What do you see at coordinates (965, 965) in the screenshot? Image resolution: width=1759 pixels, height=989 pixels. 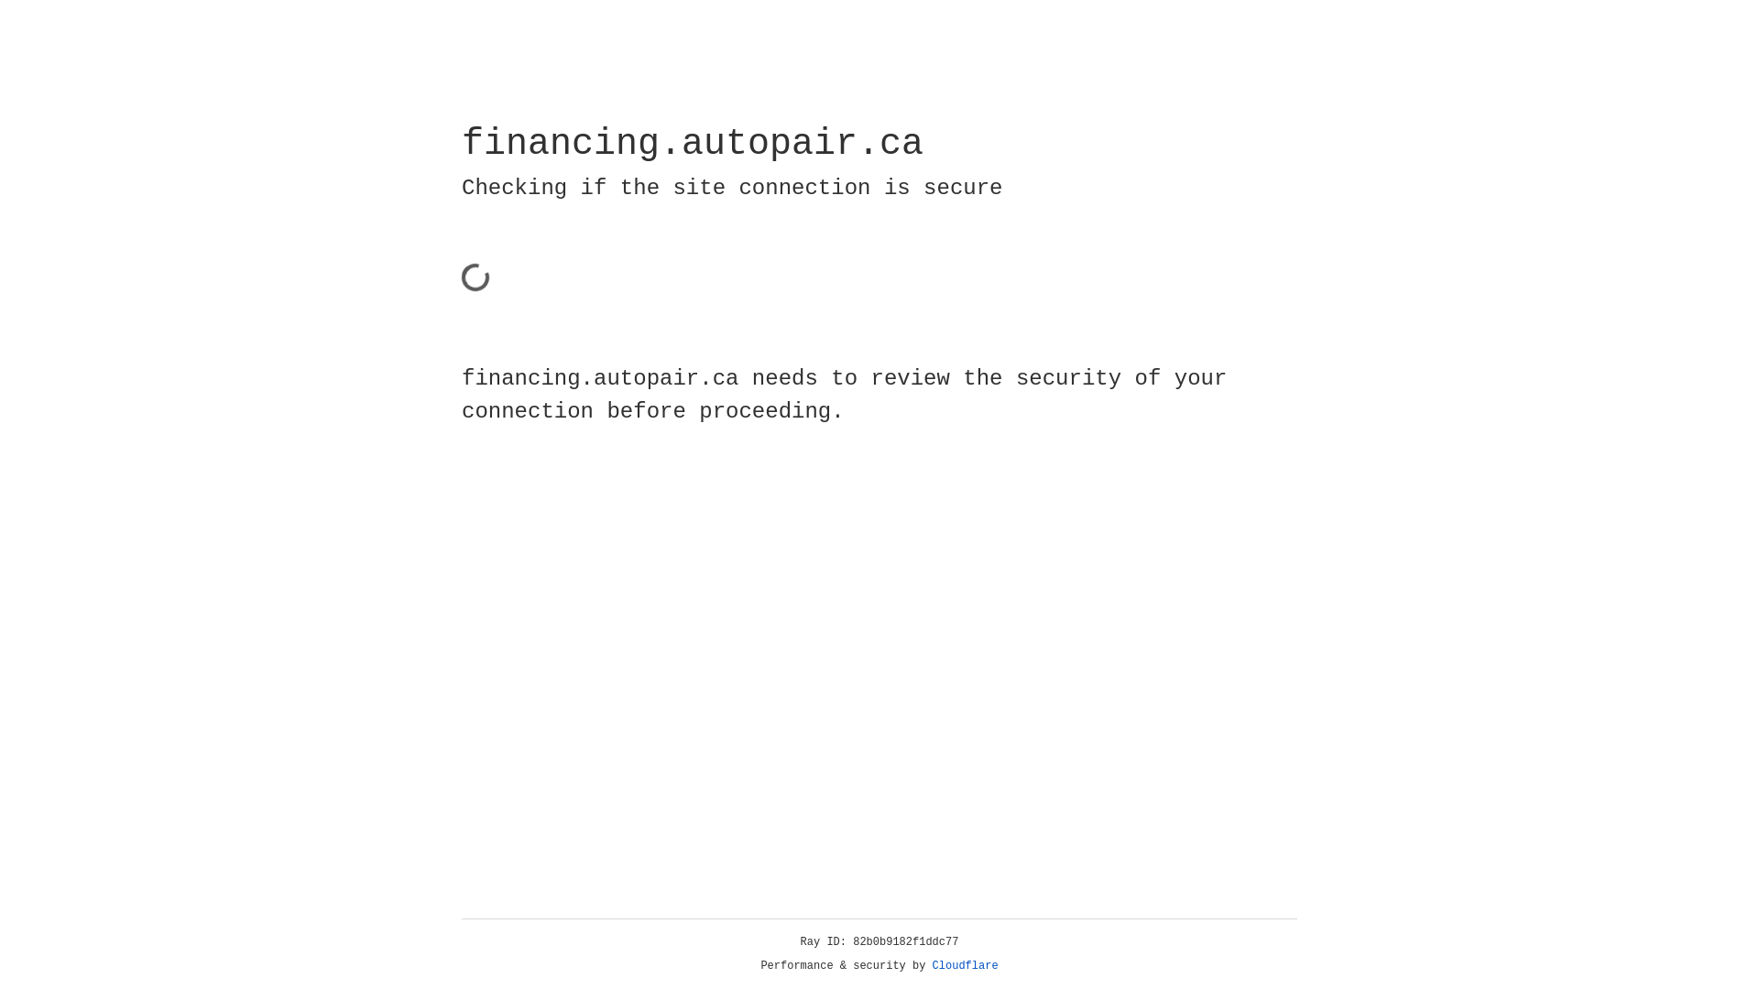 I see `'Cloudflare'` at bounding box center [965, 965].